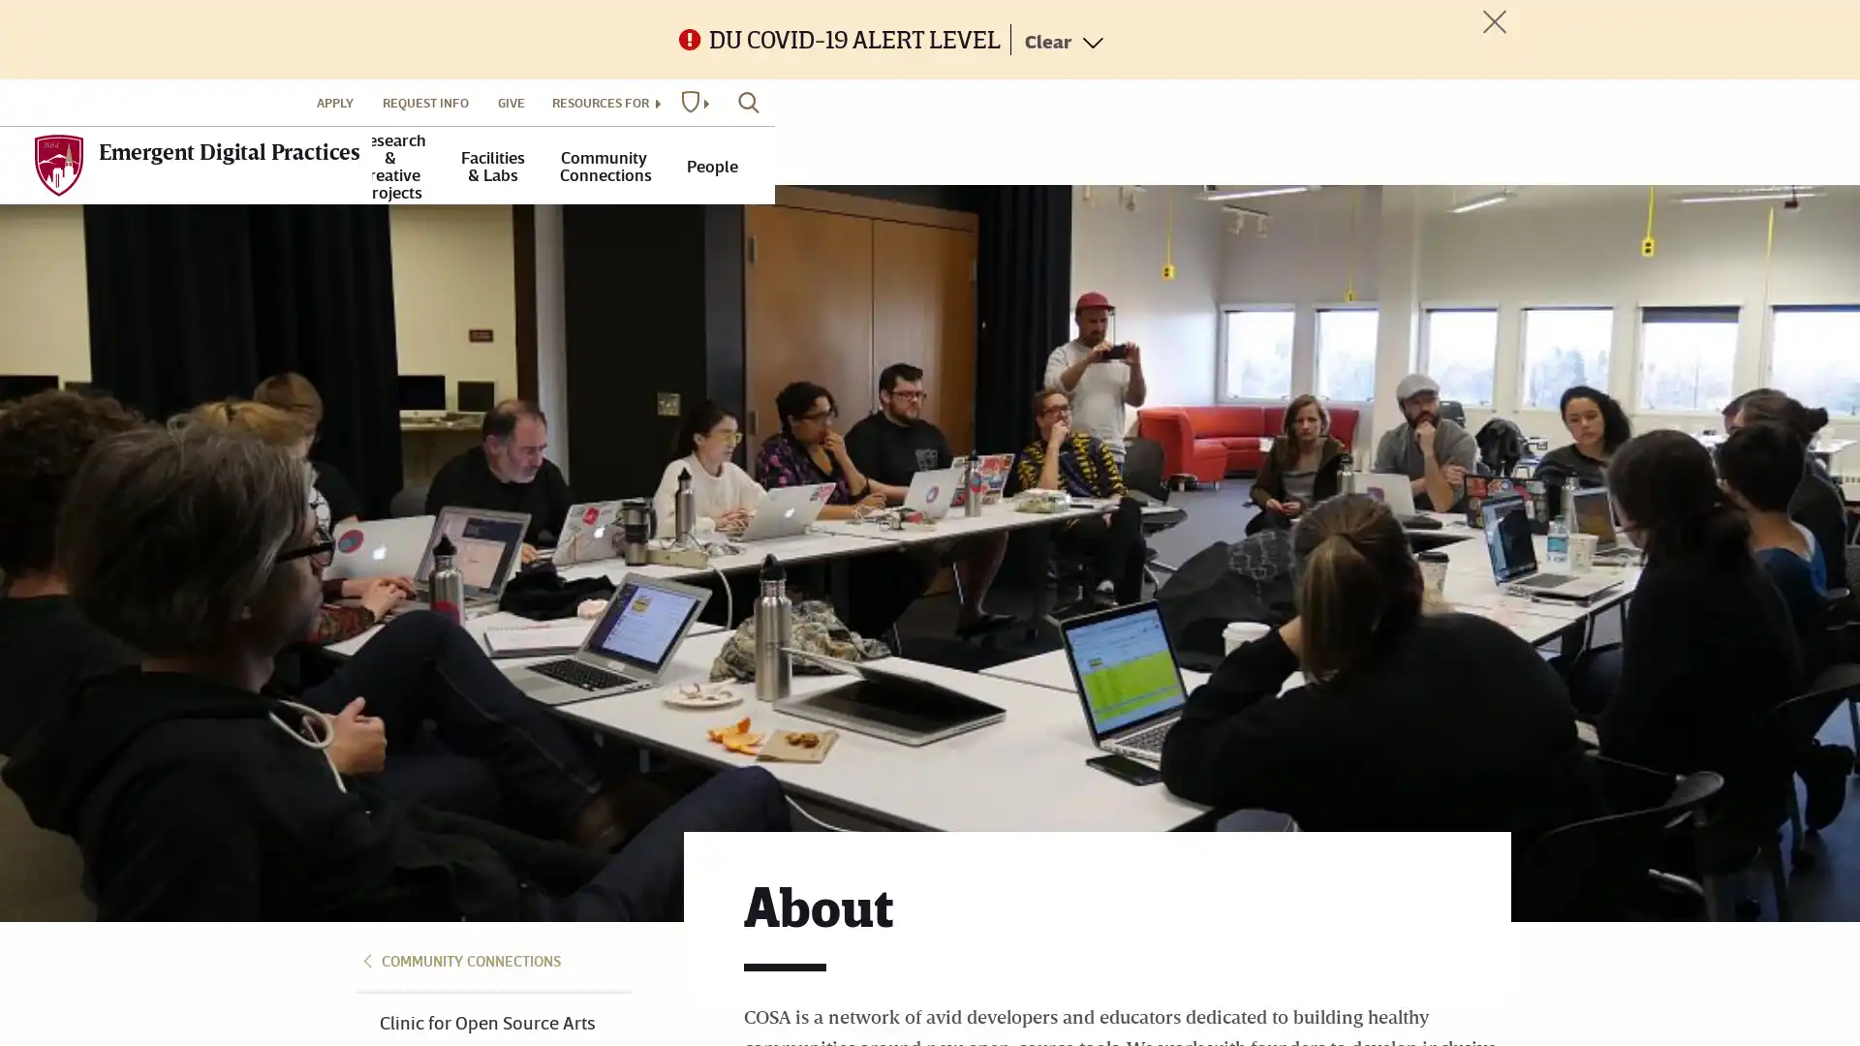  I want to click on GIVE, so click(1247, 102).